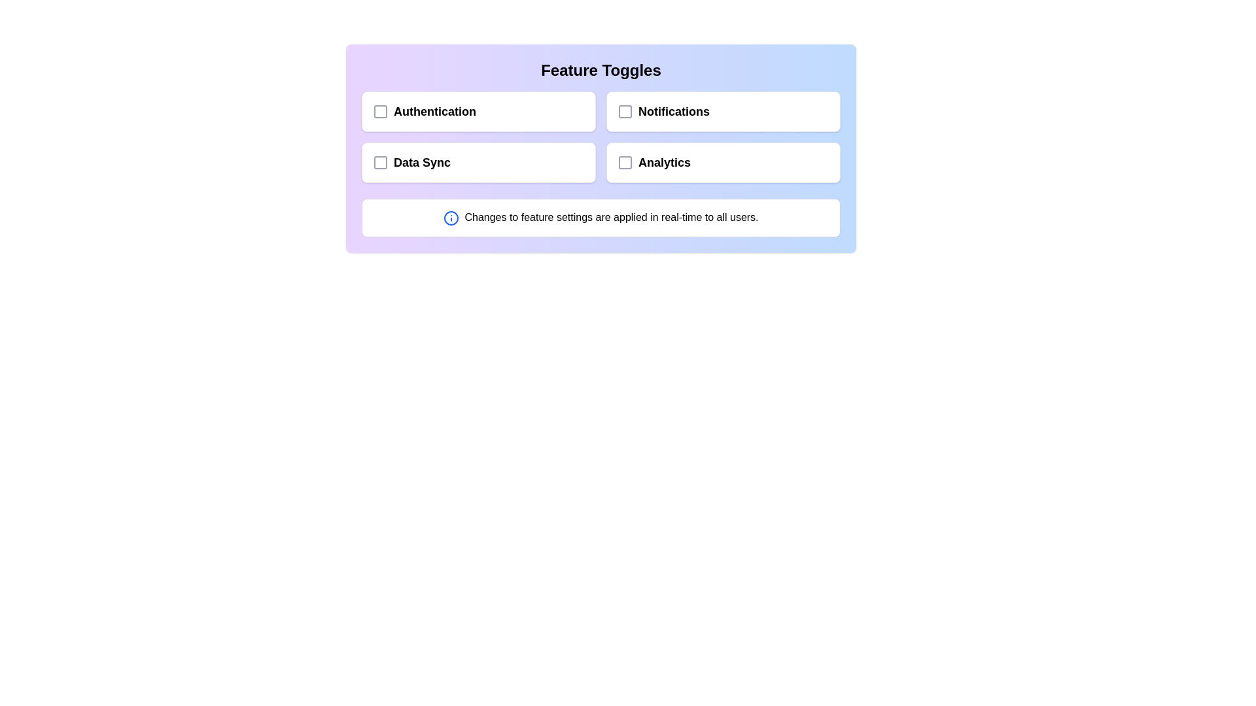  What do you see at coordinates (411, 162) in the screenshot?
I see `the 'Data Sync' checkbox located in the second position of the left column under 'Feature Toggles'` at bounding box center [411, 162].